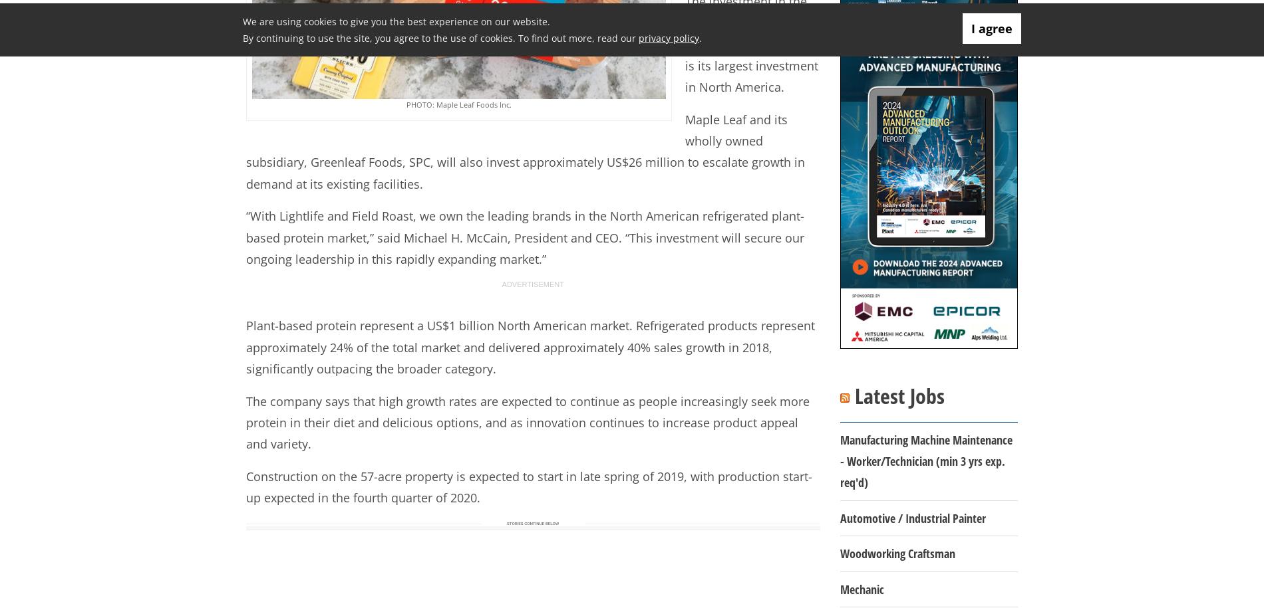  Describe the element at coordinates (669, 37) in the screenshot. I see `'privacy policy'` at that location.